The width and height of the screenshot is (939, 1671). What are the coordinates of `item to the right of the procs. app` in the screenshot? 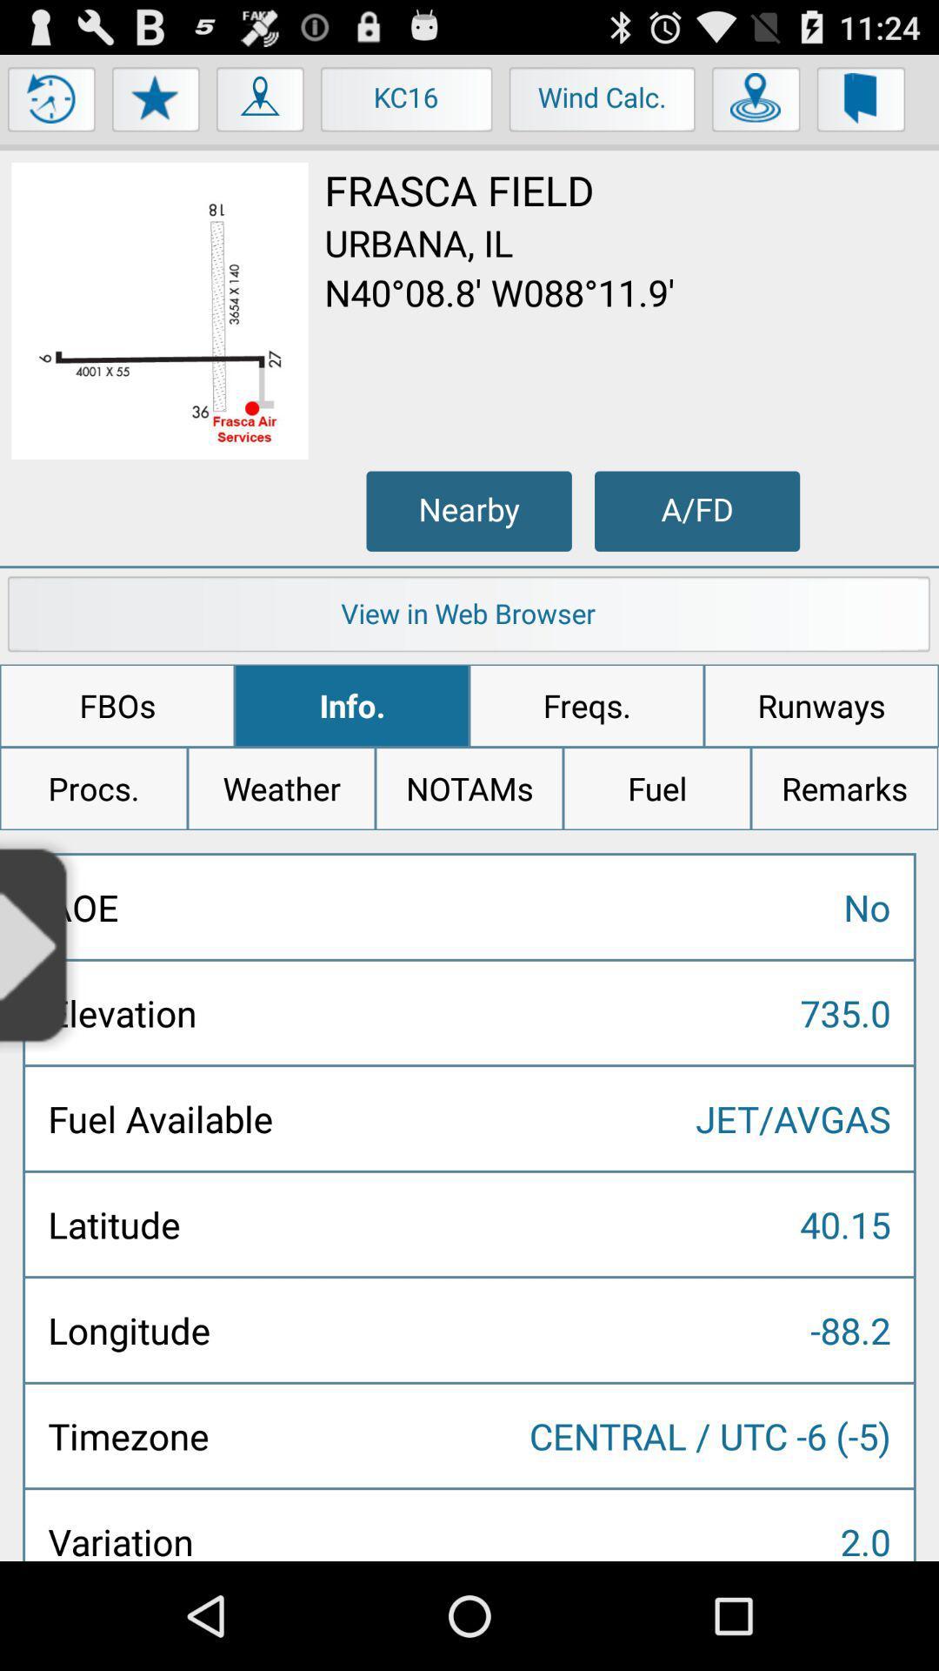 It's located at (281, 788).